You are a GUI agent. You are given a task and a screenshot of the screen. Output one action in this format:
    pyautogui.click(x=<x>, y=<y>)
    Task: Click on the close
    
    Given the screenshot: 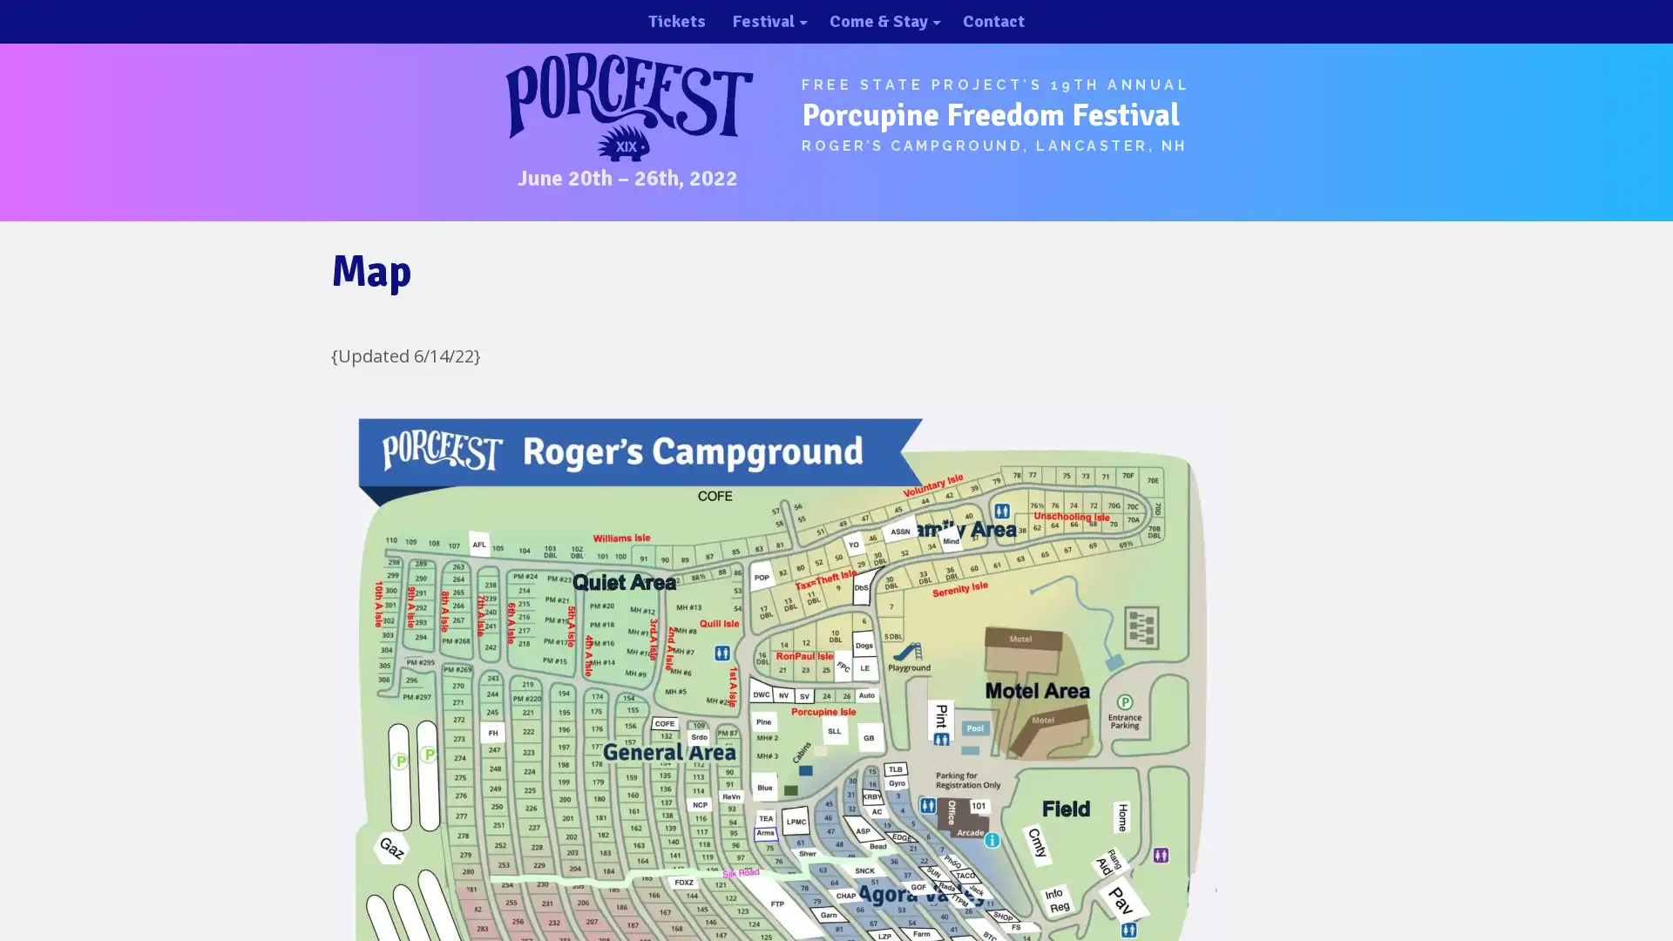 What is the action you would take?
    pyautogui.click(x=1617, y=70)
    